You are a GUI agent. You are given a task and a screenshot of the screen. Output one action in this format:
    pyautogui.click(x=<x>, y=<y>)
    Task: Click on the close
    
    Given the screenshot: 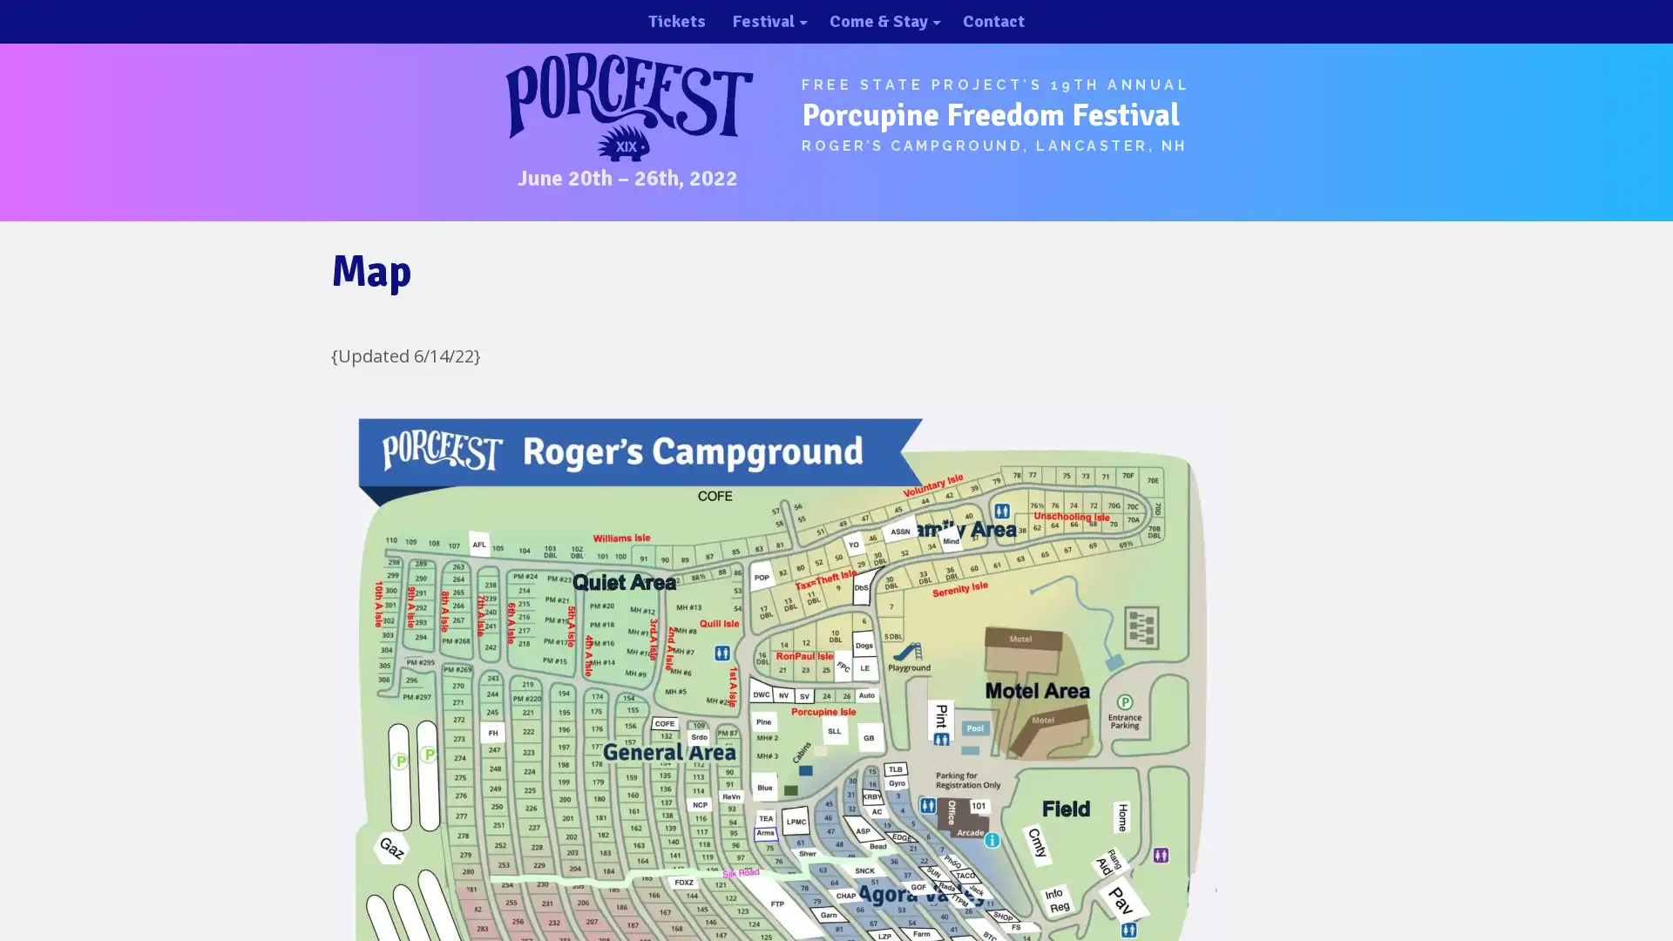 What is the action you would take?
    pyautogui.click(x=1617, y=70)
    